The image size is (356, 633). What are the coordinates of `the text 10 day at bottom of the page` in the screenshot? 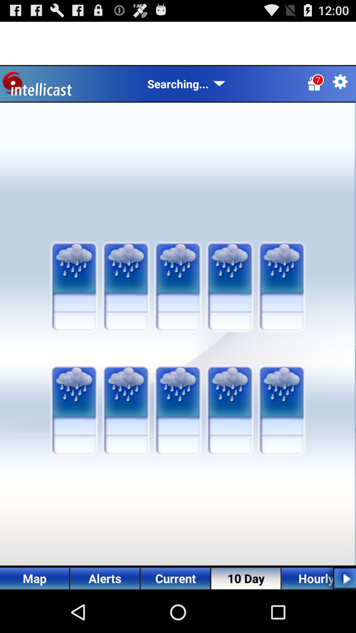 It's located at (246, 578).